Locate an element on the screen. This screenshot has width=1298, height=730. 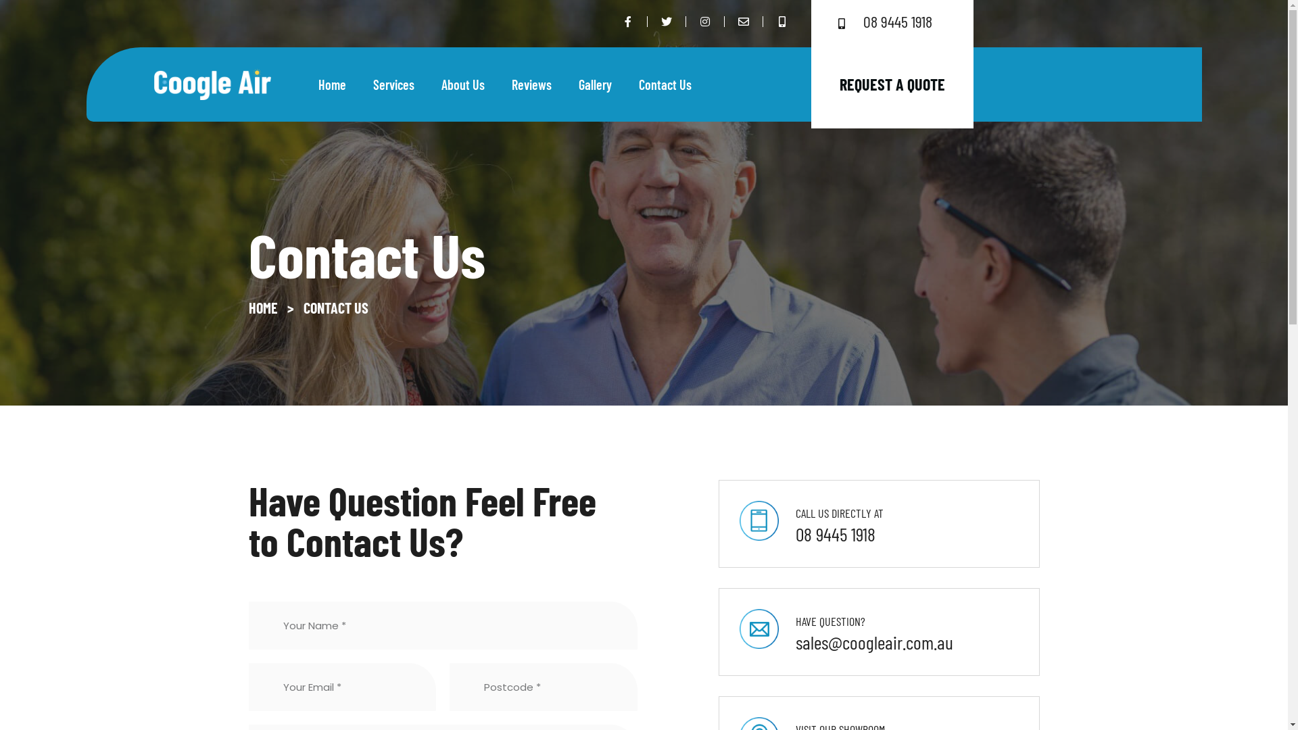
'HOME' is located at coordinates (263, 308).